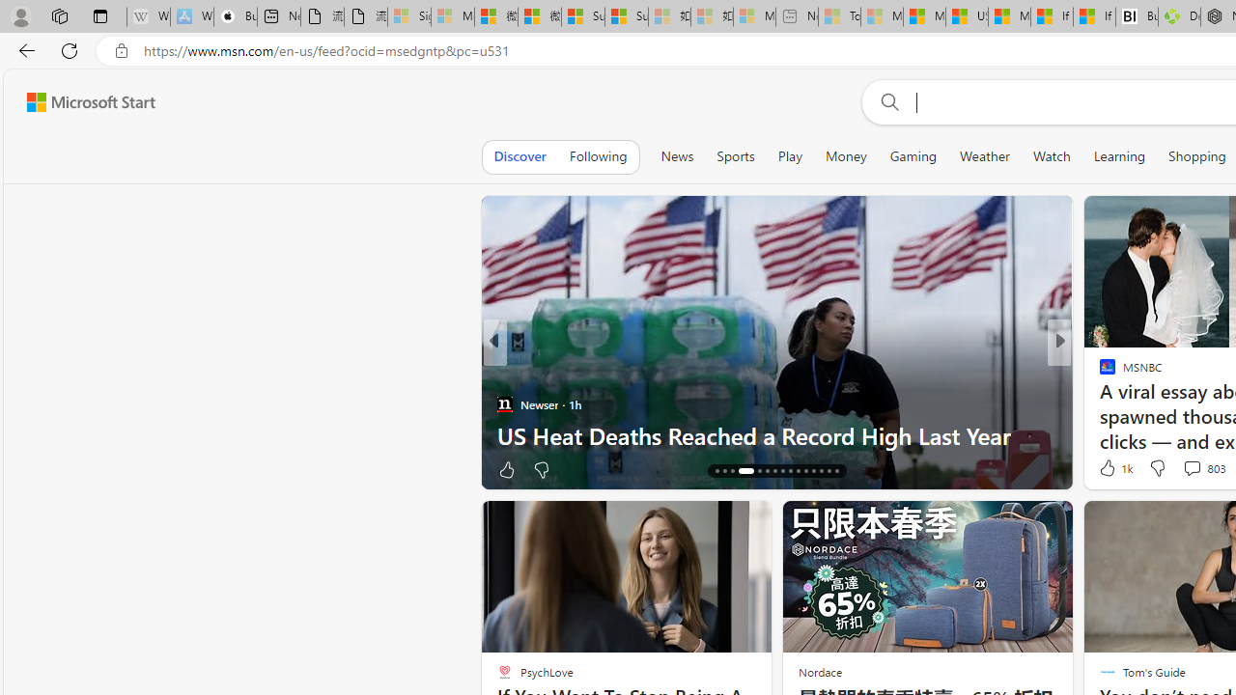 The image size is (1236, 695). What do you see at coordinates (1106, 469) in the screenshot?
I see `'8 Like'` at bounding box center [1106, 469].